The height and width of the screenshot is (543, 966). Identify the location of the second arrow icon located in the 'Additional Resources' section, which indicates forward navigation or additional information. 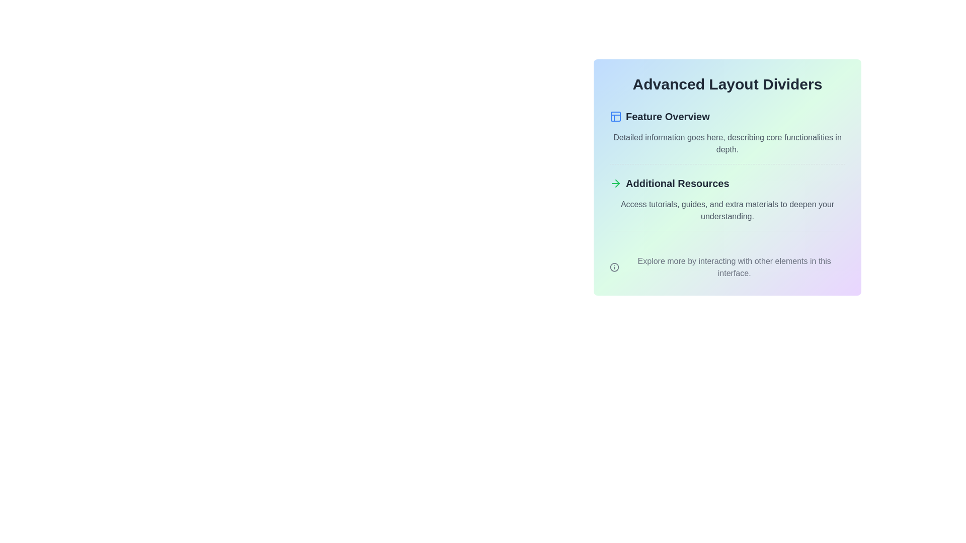
(617, 184).